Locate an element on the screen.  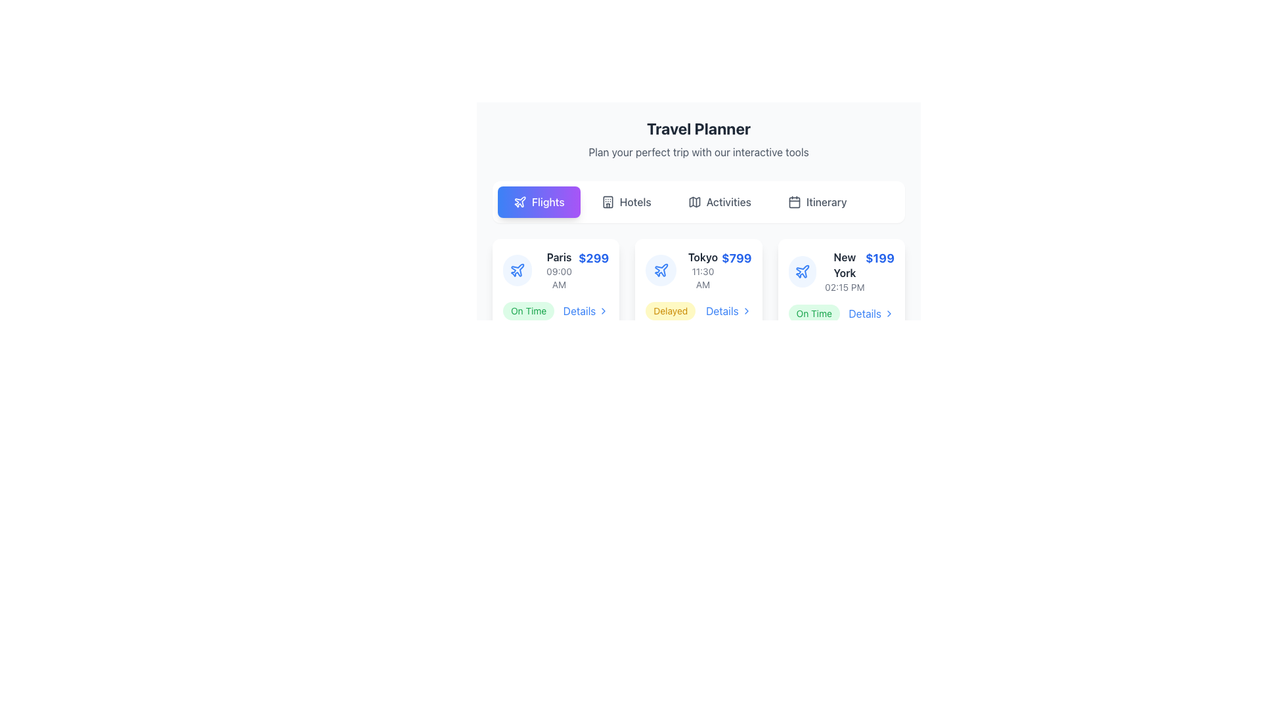
the airplane icon with a thin geometric outline, styled in blue, located in the upper-left portion of the flight card to Tokyo, between the Paris and New York flight cards is located at coordinates (661, 270).